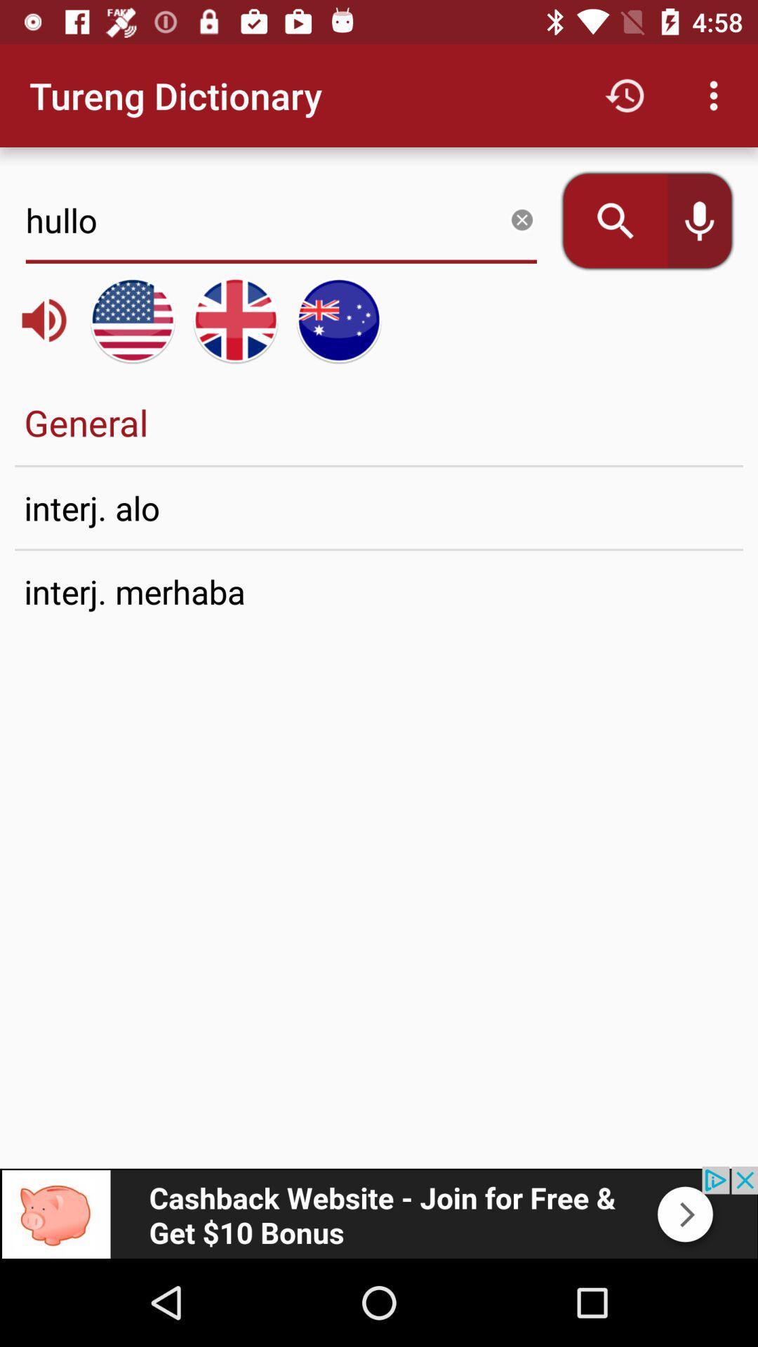 The image size is (758, 1347). Describe the element at coordinates (709, 220) in the screenshot. I see `the microphone icon` at that location.